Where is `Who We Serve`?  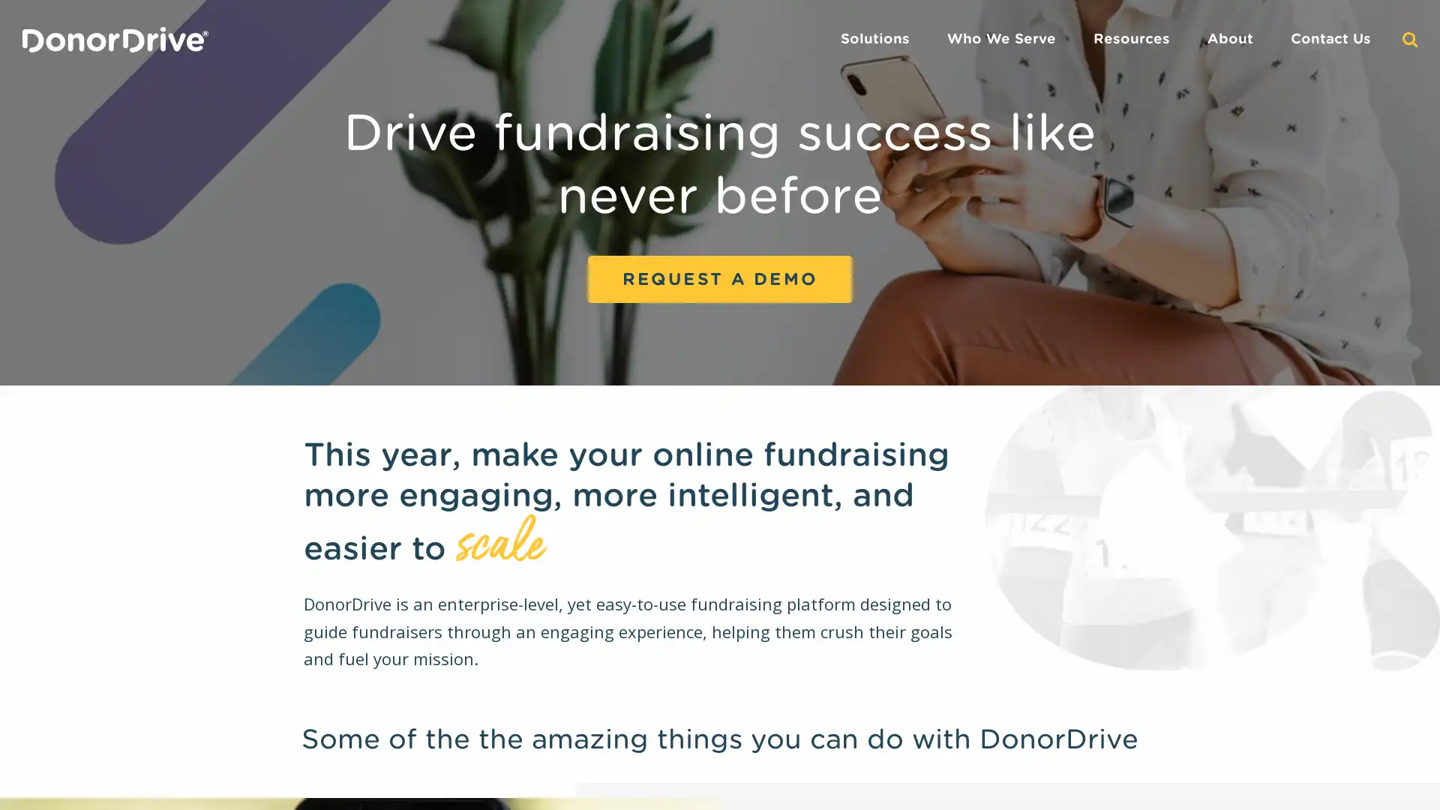 Who We Serve is located at coordinates (1001, 37).